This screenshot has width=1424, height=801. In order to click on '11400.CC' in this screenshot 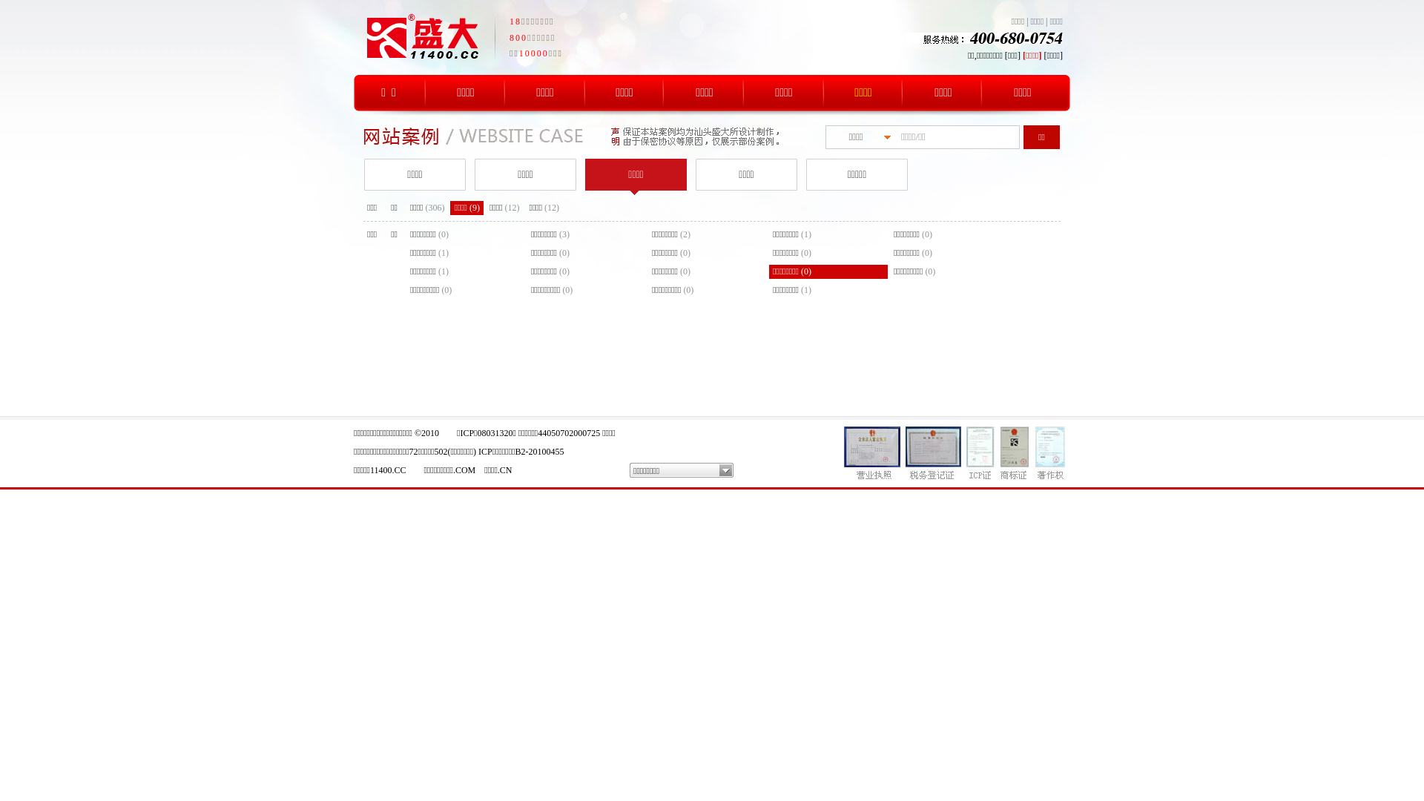, I will do `click(388, 469)`.